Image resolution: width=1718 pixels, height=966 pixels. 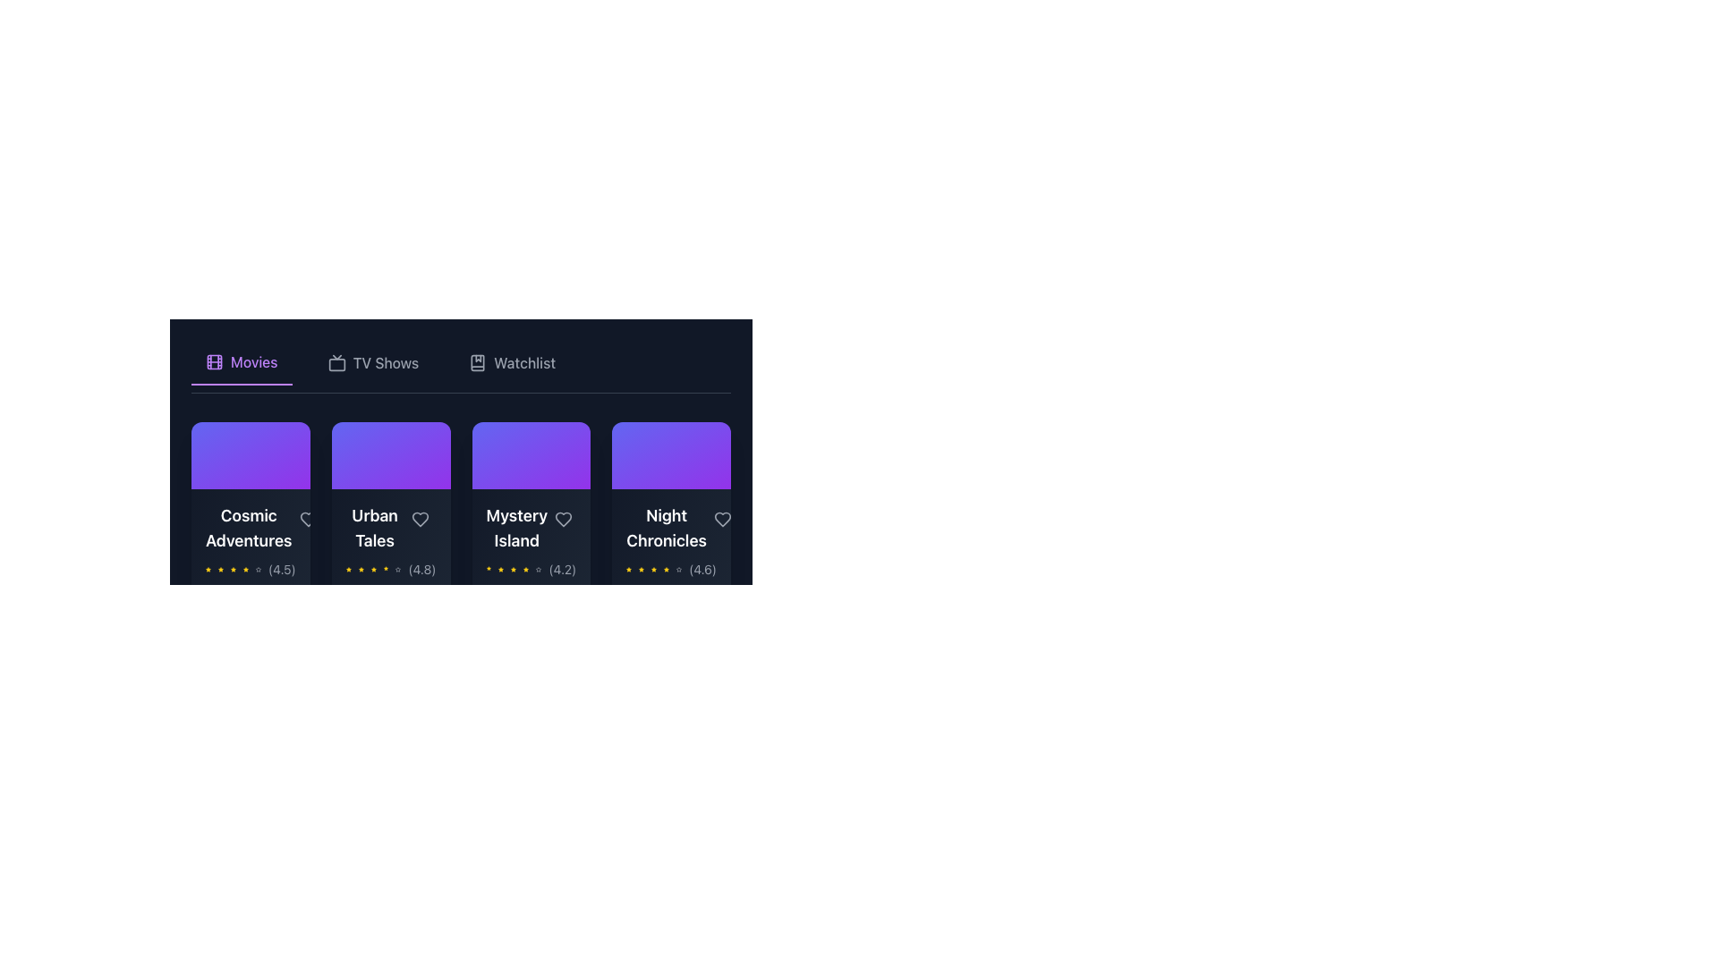 I want to click on the fourth star icon in the rating display for the movie 'Cosmic Adventures', so click(x=244, y=569).